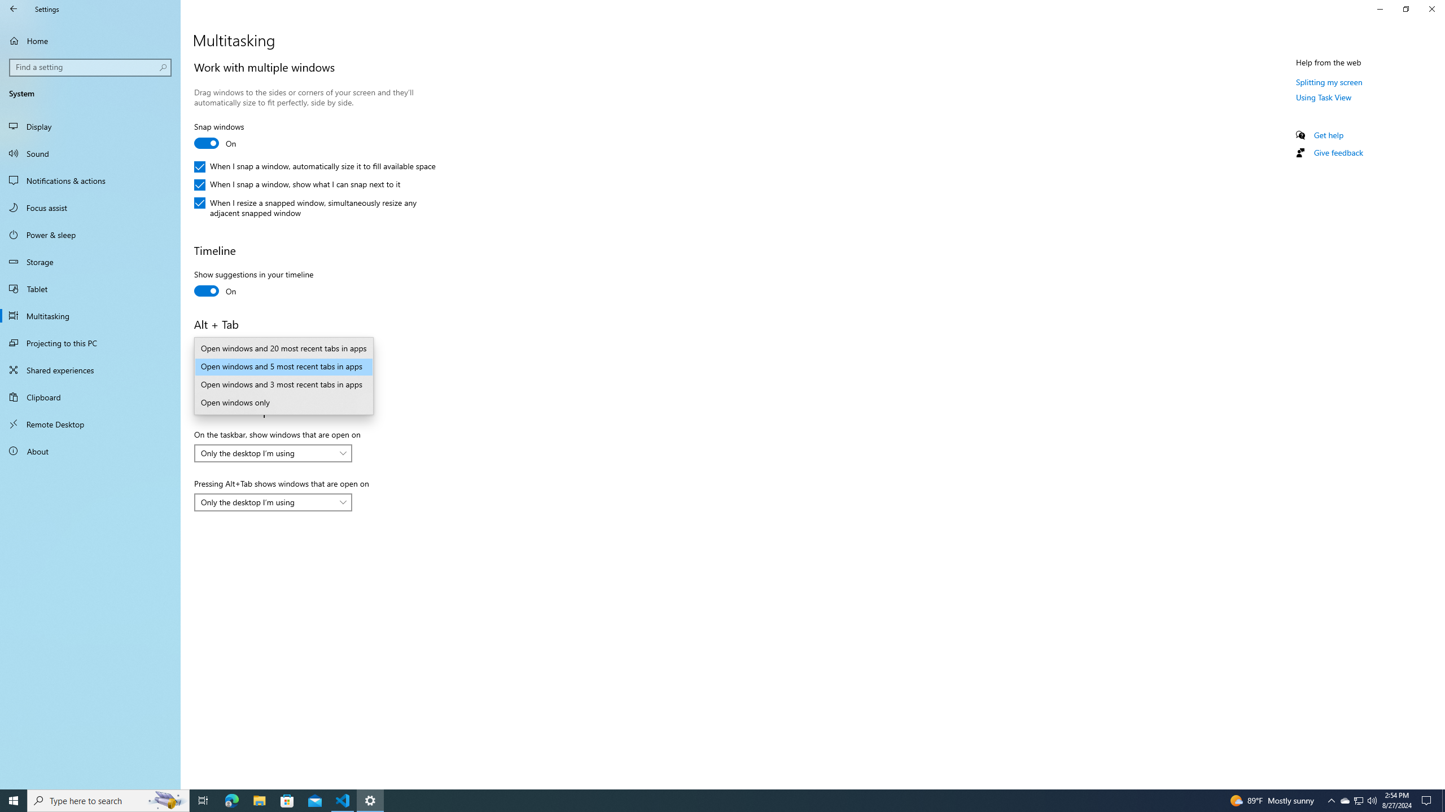 The height and width of the screenshot is (812, 1445). I want to click on 'Notification Chevron', so click(1332, 800).